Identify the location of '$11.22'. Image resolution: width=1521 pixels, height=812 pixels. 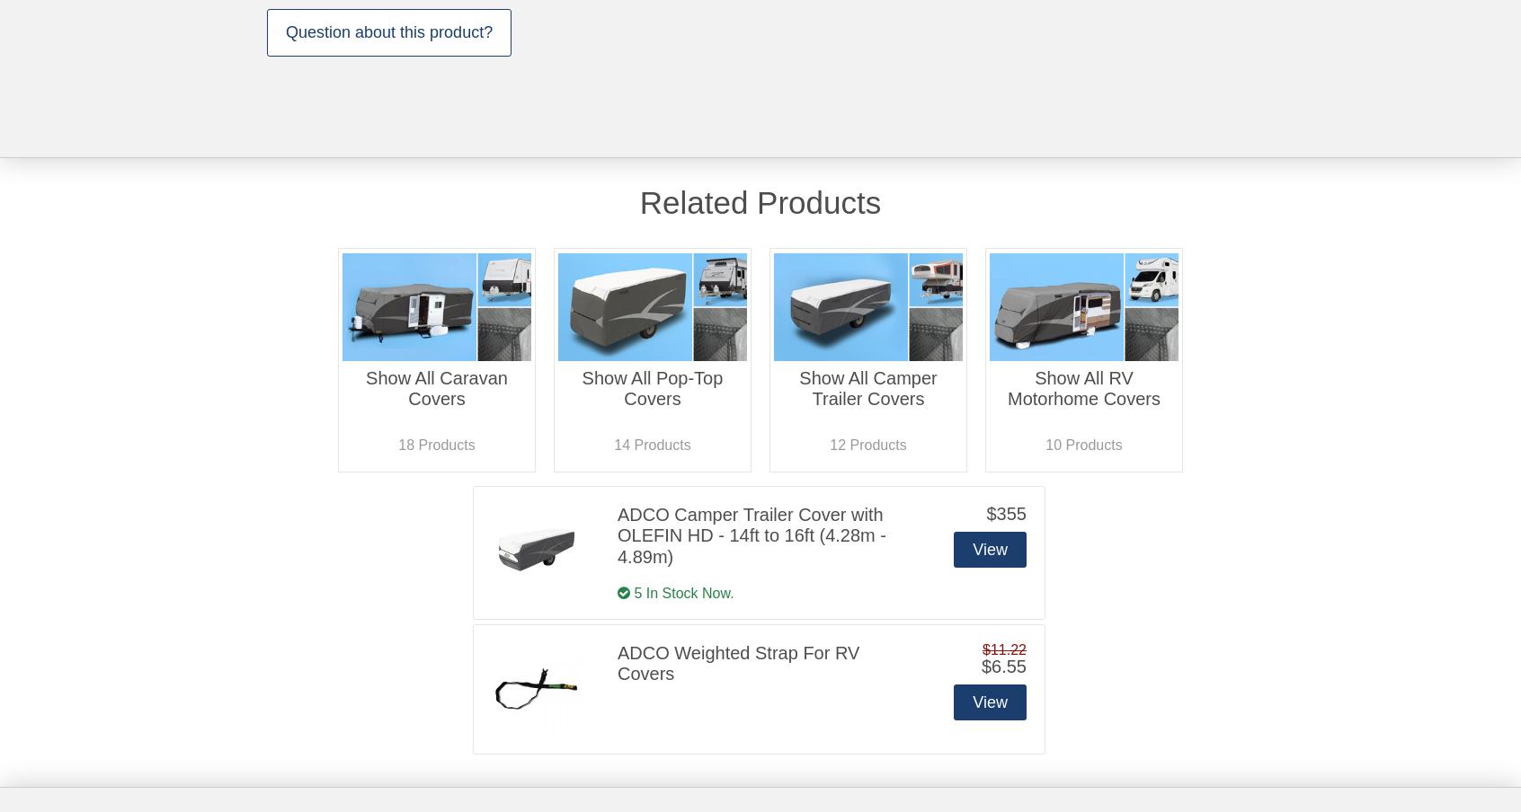
(1004, 648).